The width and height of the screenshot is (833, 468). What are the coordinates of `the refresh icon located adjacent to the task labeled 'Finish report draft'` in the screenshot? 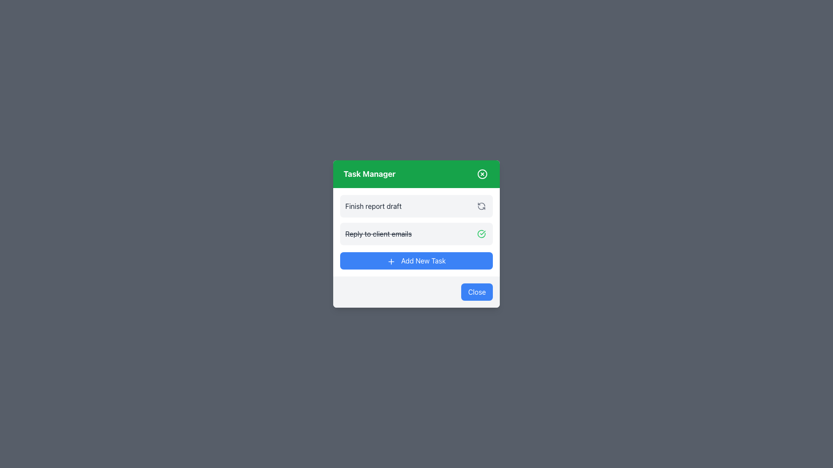 It's located at (481, 206).